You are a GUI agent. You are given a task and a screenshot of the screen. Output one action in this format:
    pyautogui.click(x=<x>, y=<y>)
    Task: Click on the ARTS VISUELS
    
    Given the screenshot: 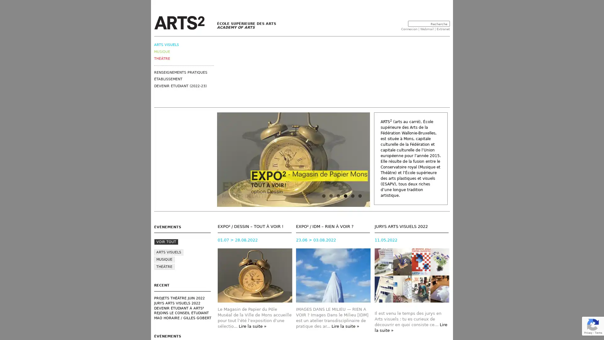 What is the action you would take?
    pyautogui.click(x=169, y=252)
    